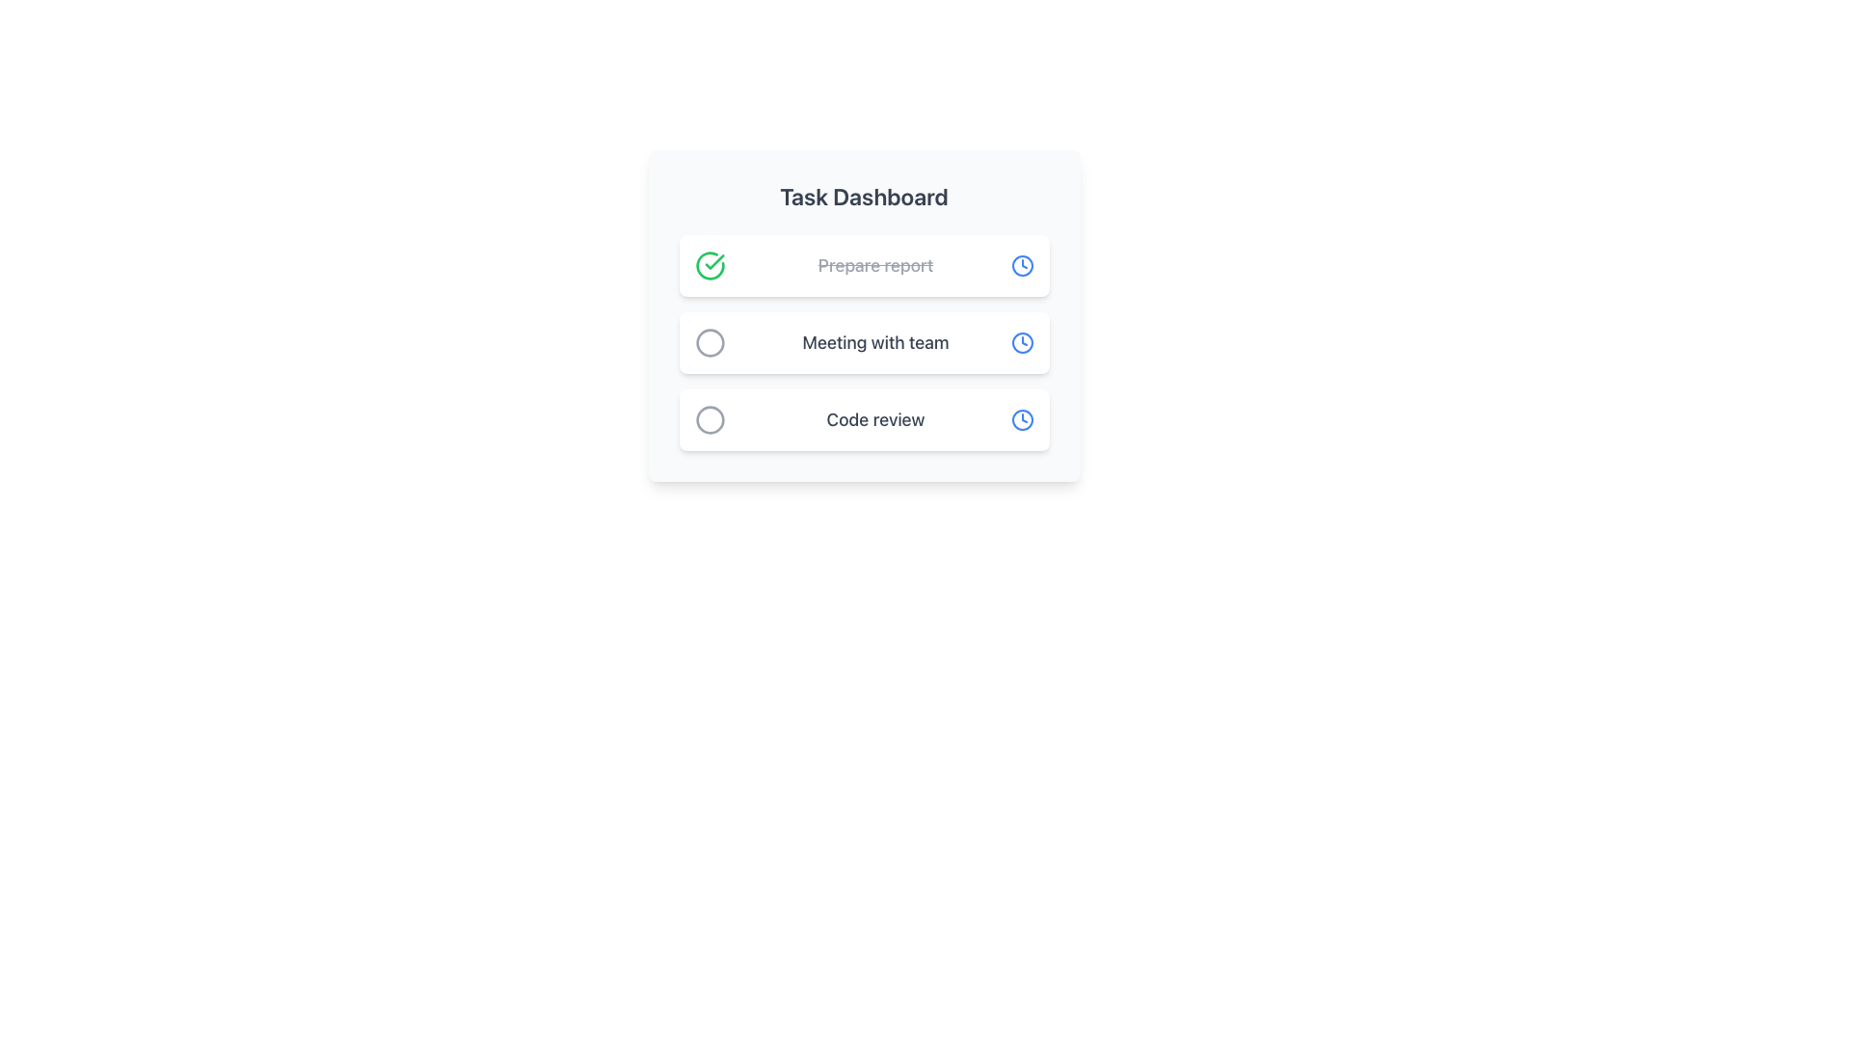  Describe the element at coordinates (1021, 418) in the screenshot. I see `the outer frame circle of the clock icon located in the bottom-right corner of the 'Code Review' task row in the task dashboard interface` at that location.